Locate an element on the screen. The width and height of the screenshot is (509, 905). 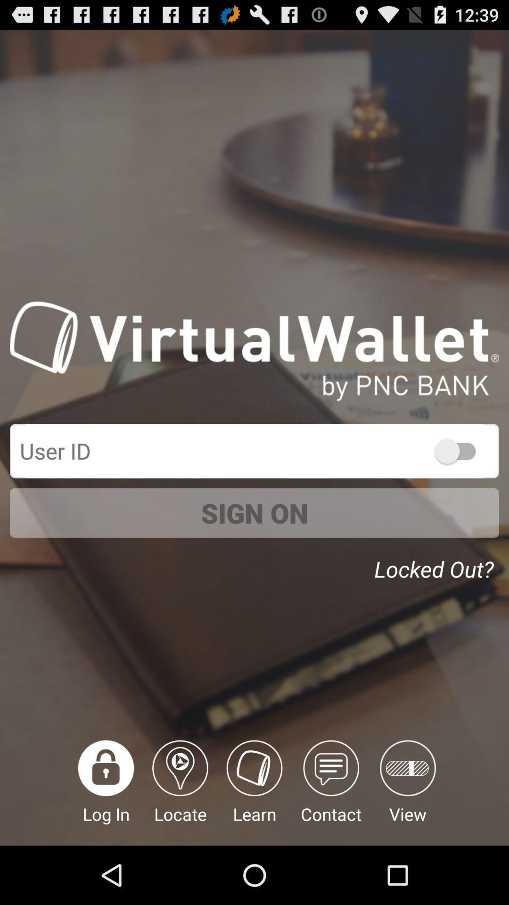
the item below sign on item is located at coordinates (436, 566).